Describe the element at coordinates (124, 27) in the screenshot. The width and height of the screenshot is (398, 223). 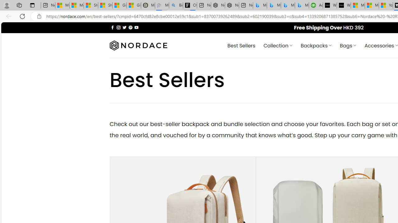
I see `'Follow on Twitter'` at that location.